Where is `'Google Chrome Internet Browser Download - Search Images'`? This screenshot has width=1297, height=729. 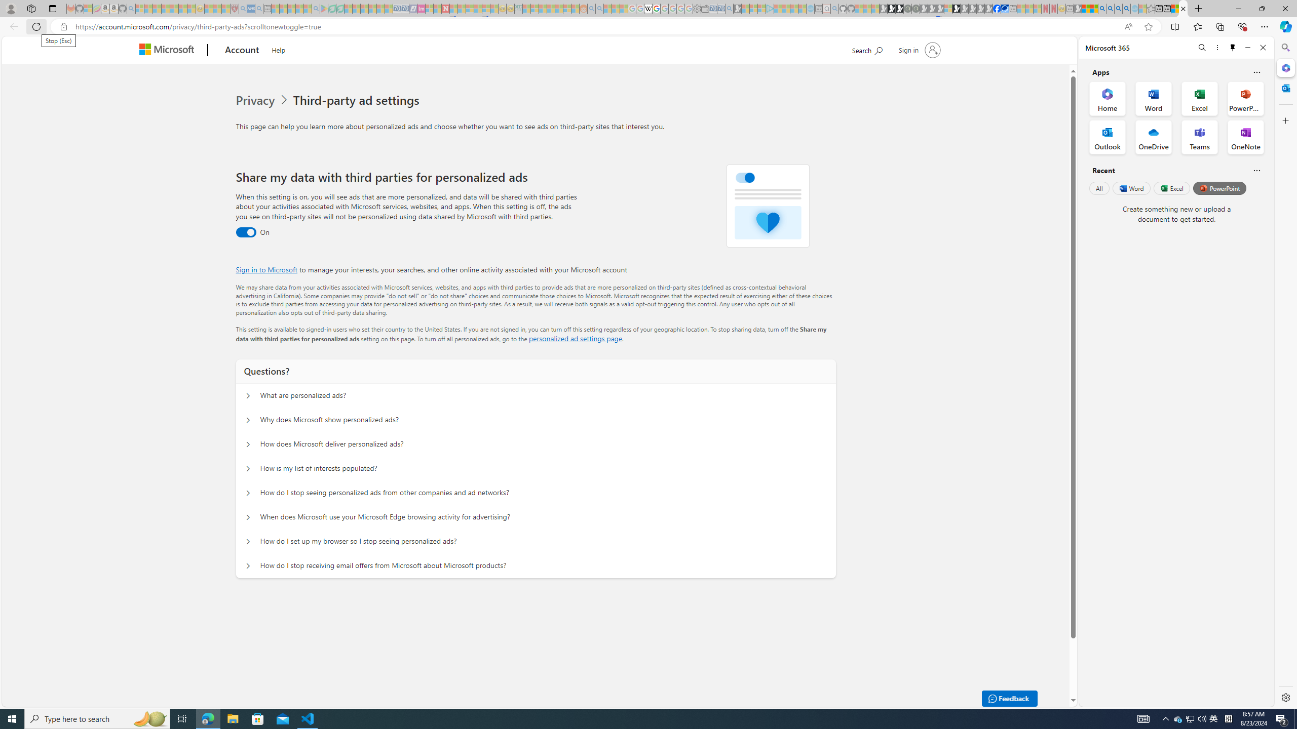
'Google Chrome Internet Browser Download - Search Images' is located at coordinates (1126, 8).